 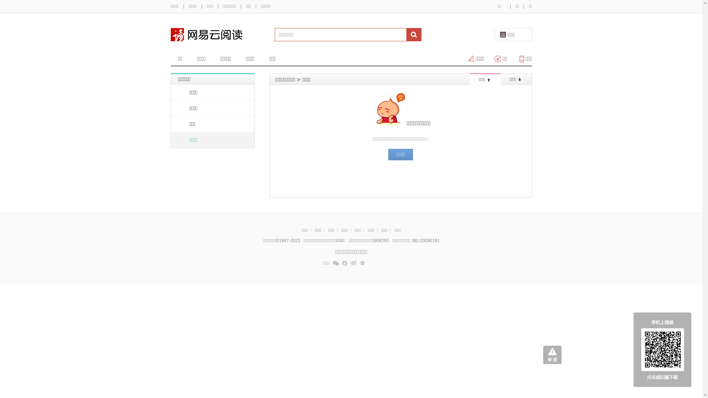 What do you see at coordinates (414, 34) in the screenshot?
I see `'    '` at bounding box center [414, 34].